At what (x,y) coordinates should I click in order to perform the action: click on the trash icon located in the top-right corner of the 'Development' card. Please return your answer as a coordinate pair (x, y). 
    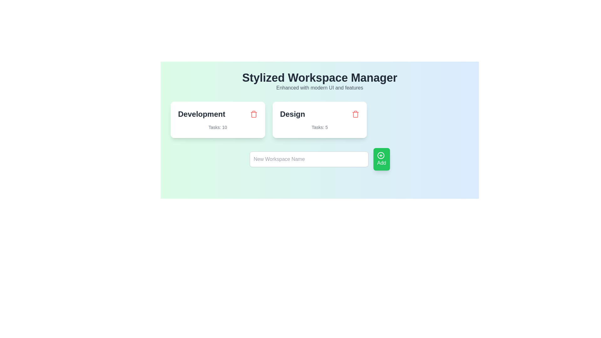
    Looking at the image, I should click on (254, 114).